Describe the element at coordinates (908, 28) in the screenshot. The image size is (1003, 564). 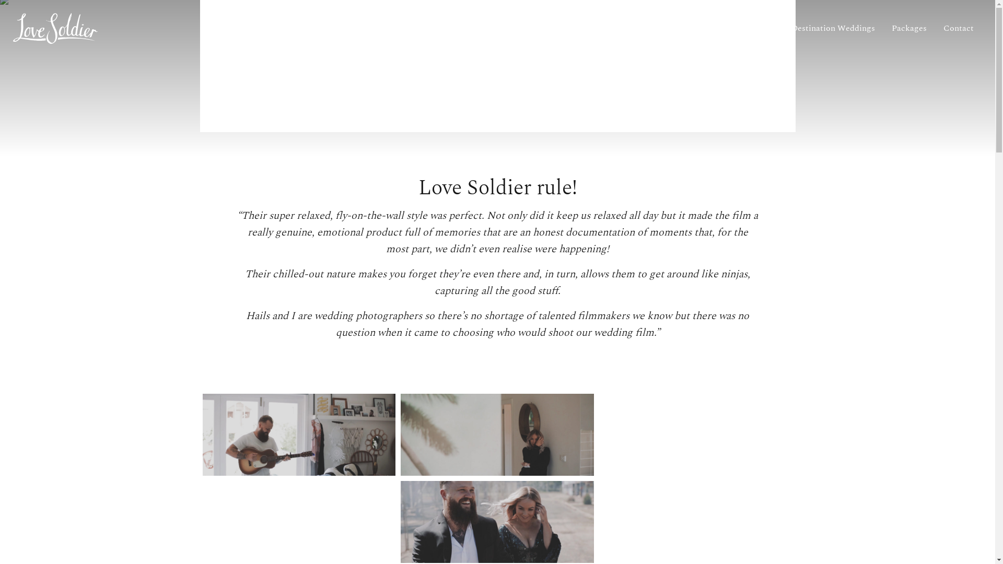
I see `'Packages'` at that location.